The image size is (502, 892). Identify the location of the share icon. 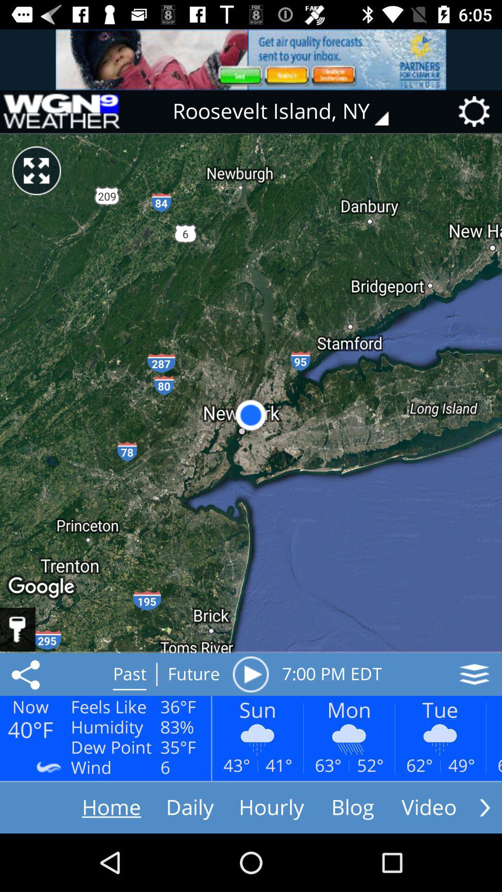
(27, 674).